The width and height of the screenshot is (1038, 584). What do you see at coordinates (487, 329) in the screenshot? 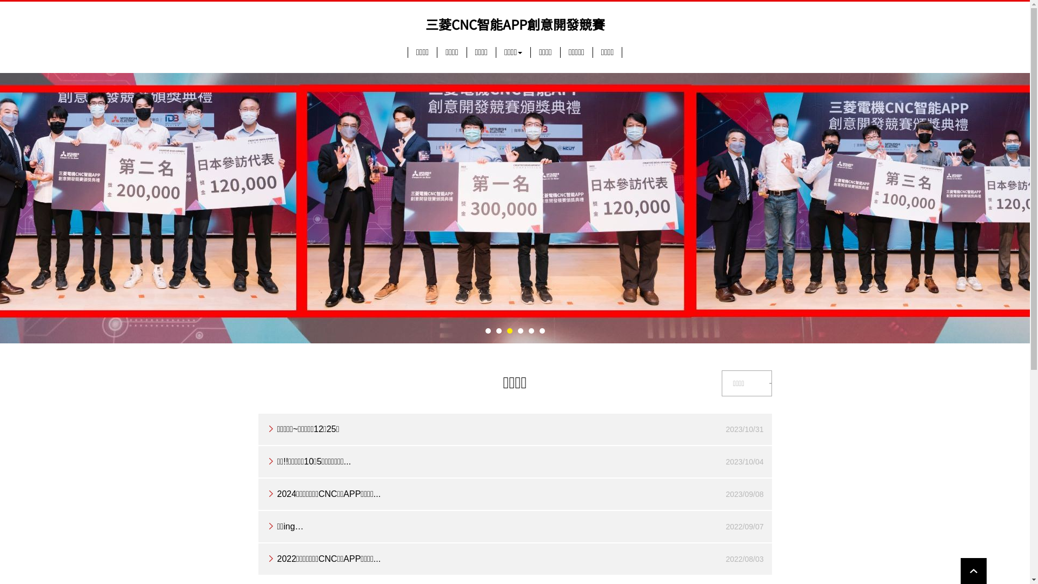
I see `'1'` at bounding box center [487, 329].